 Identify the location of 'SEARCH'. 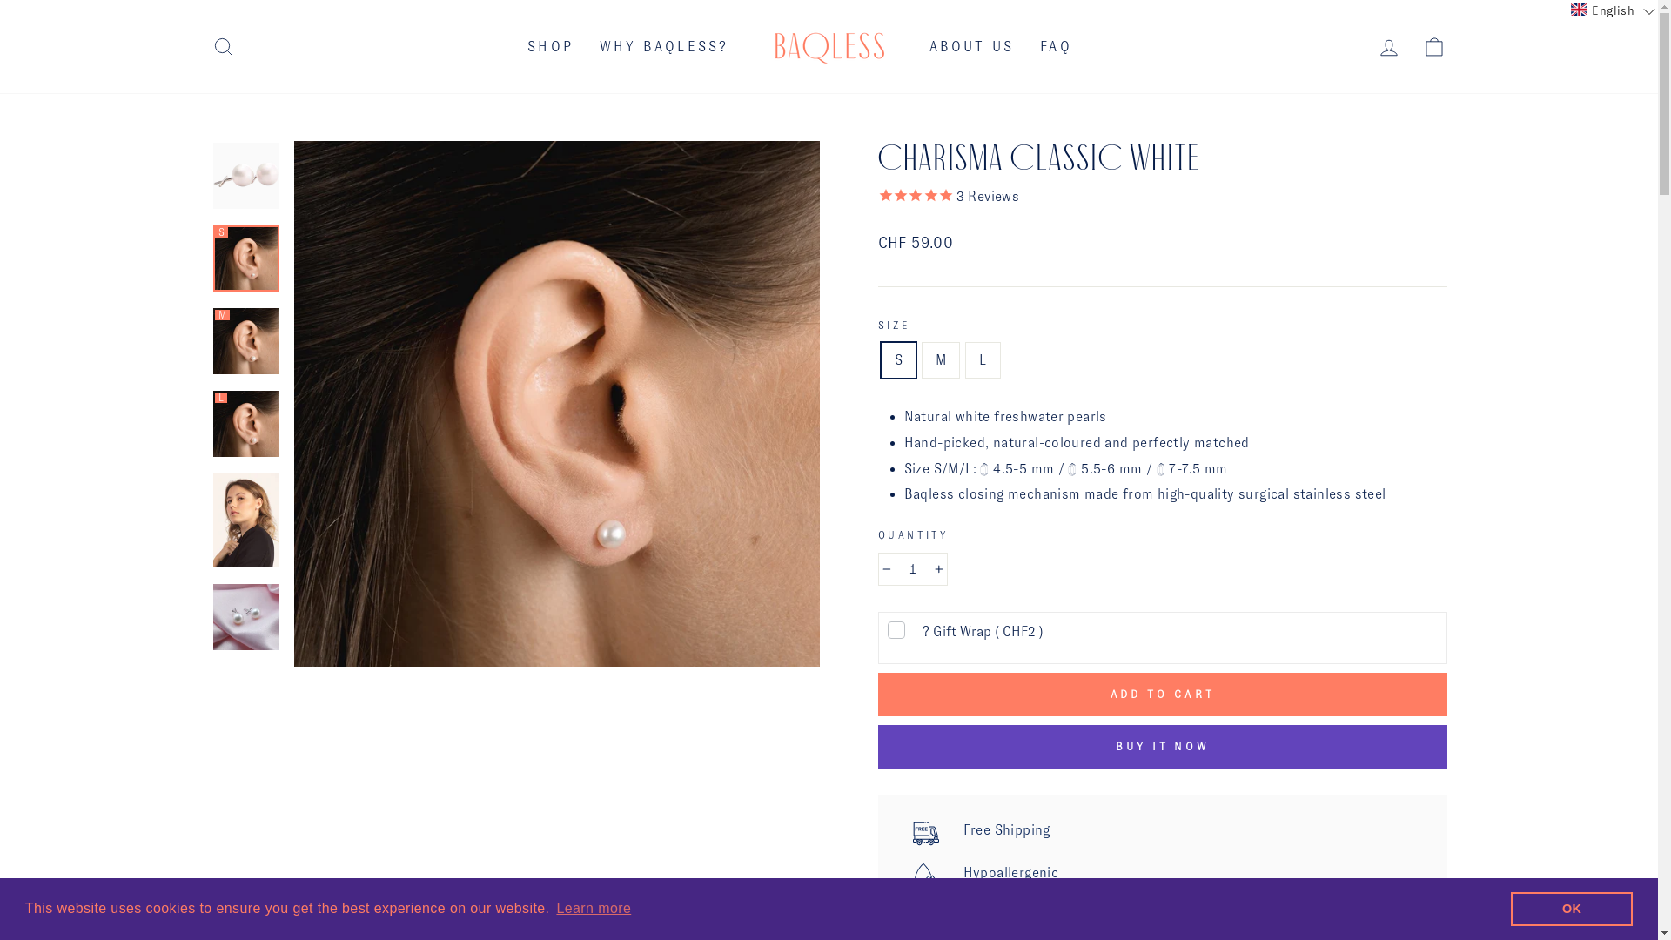
(221, 45).